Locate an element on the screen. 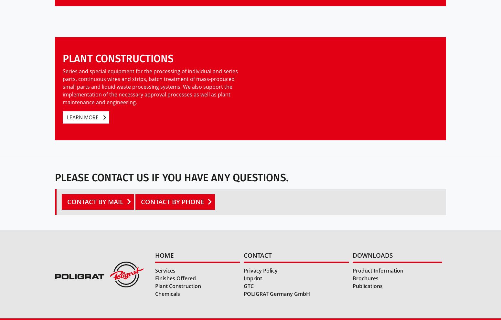 This screenshot has width=501, height=320. 'Brochures' is located at coordinates (365, 278).